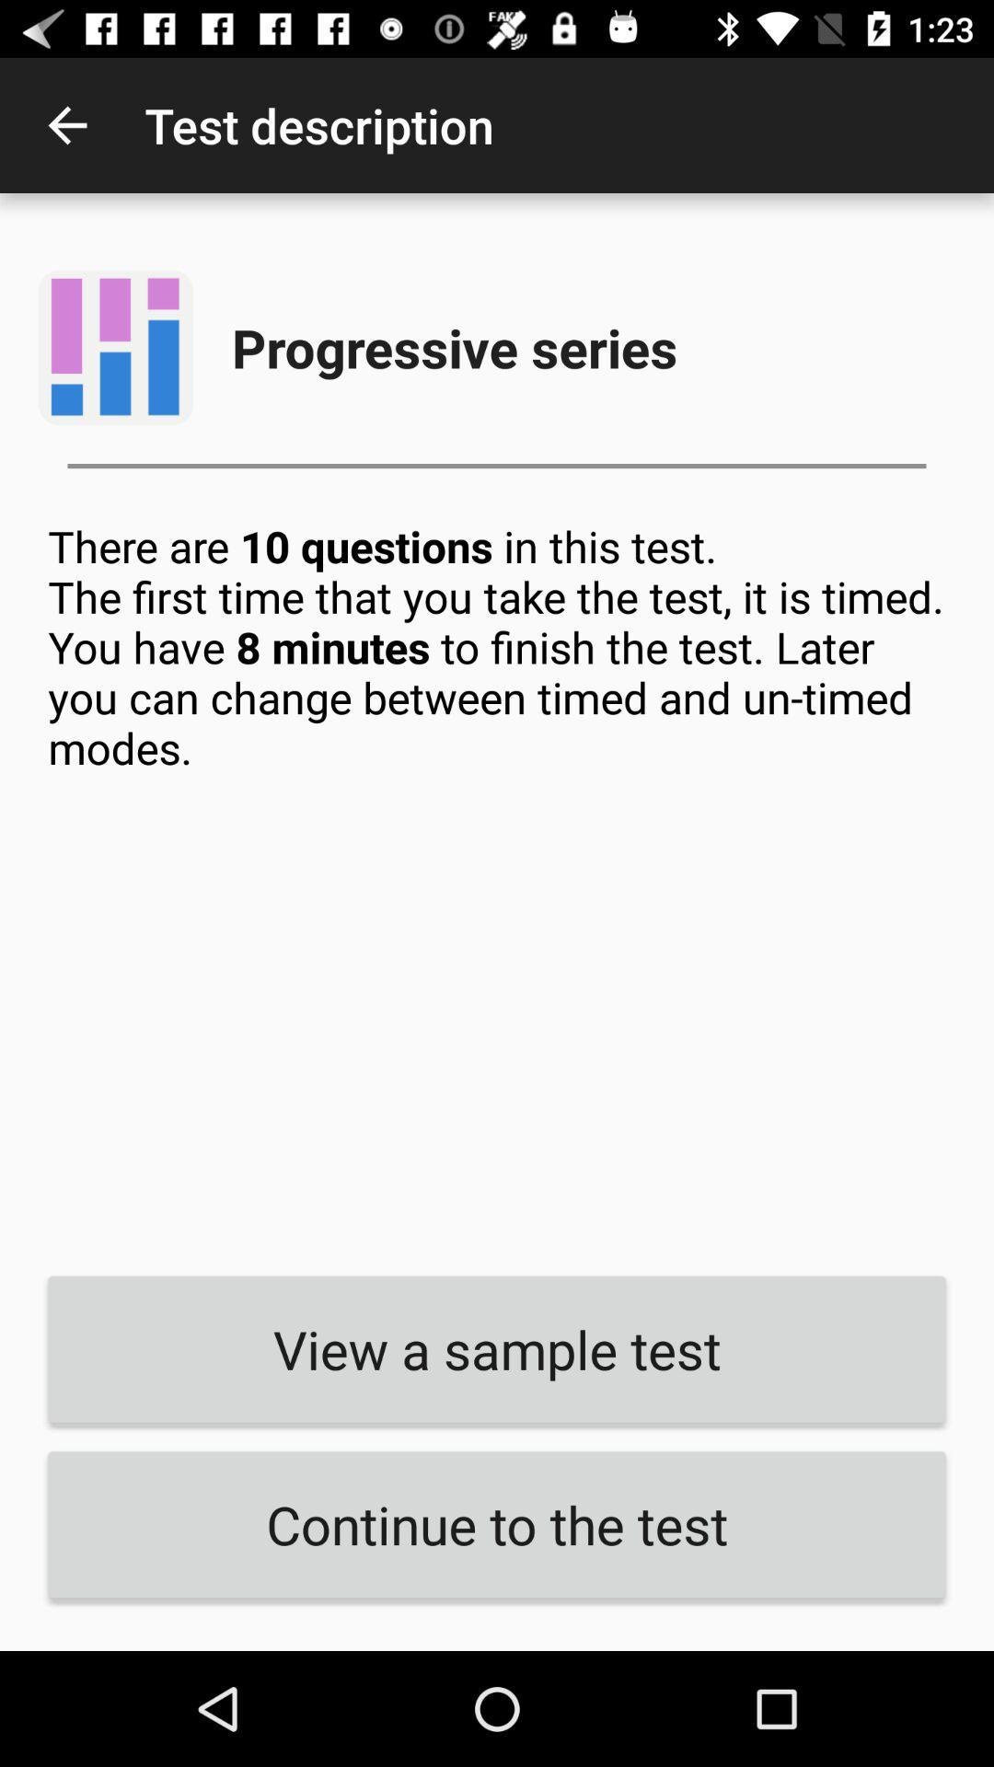 The image size is (994, 1767). What do you see at coordinates (497, 884) in the screenshot?
I see `the item at the center` at bounding box center [497, 884].